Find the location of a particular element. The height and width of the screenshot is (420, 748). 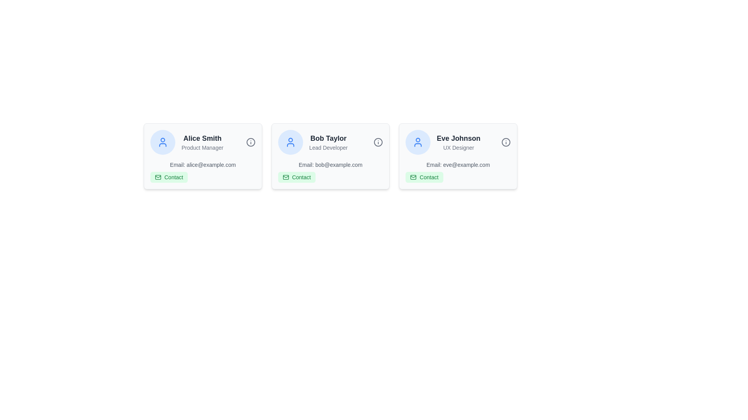

the circular user profile avatar icon with a light blue background and a darker blue user avatar symbol, located at the top-left corner of the profile card for 'Eve Johnson - UX Designer' is located at coordinates (418, 142).